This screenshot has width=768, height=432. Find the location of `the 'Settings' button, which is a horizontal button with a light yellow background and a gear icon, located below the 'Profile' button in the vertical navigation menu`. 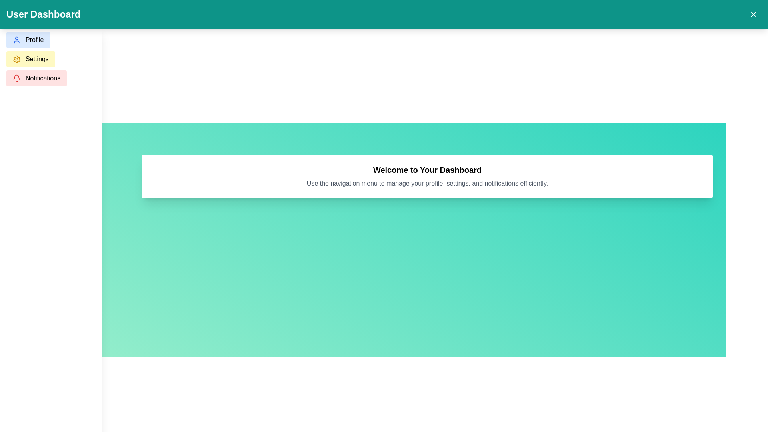

the 'Settings' button, which is a horizontal button with a light yellow background and a gear icon, located below the 'Profile' button in the vertical navigation menu is located at coordinates (30, 58).